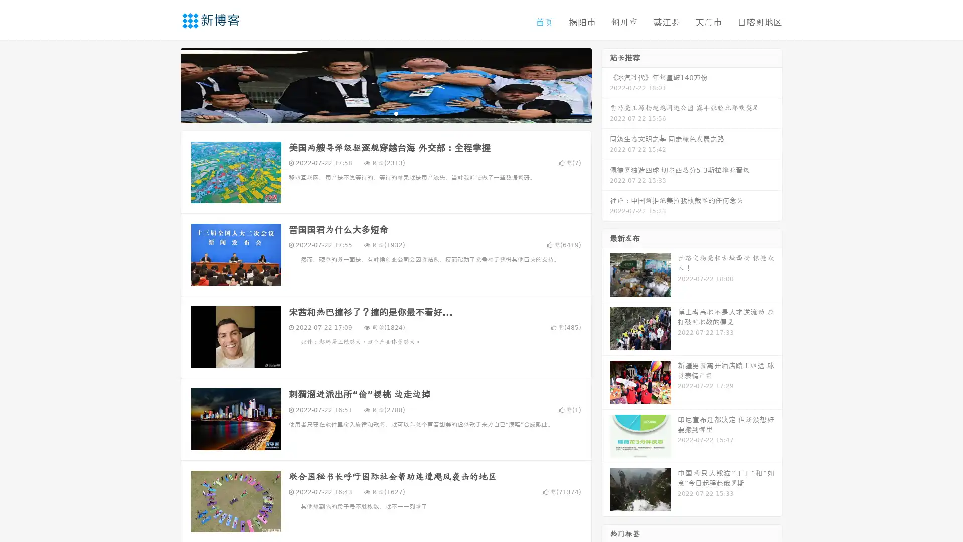 The width and height of the screenshot is (963, 542). Describe the element at coordinates (396, 113) in the screenshot. I see `Go to slide 3` at that location.